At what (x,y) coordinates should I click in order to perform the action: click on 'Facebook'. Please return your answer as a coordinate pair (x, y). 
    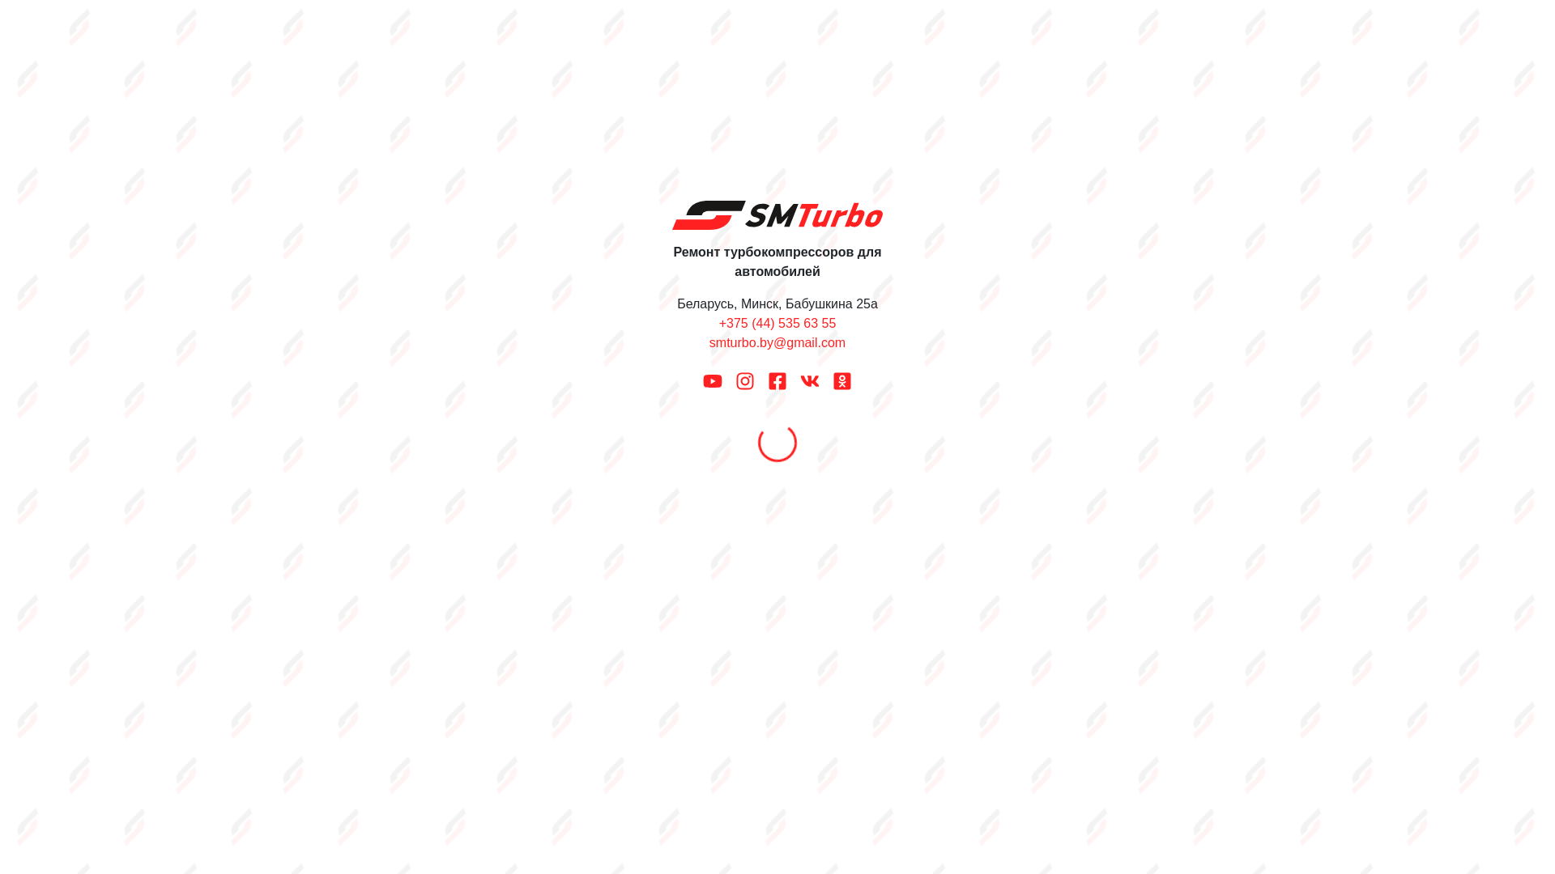
    Looking at the image, I should click on (777, 380).